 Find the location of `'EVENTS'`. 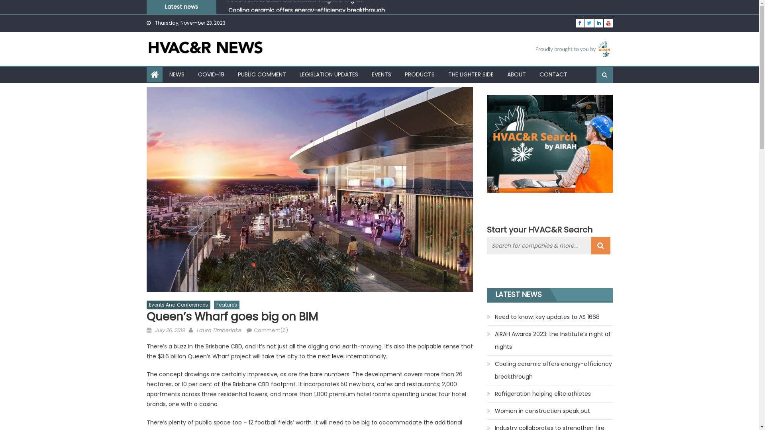

'EVENTS' is located at coordinates (381, 74).